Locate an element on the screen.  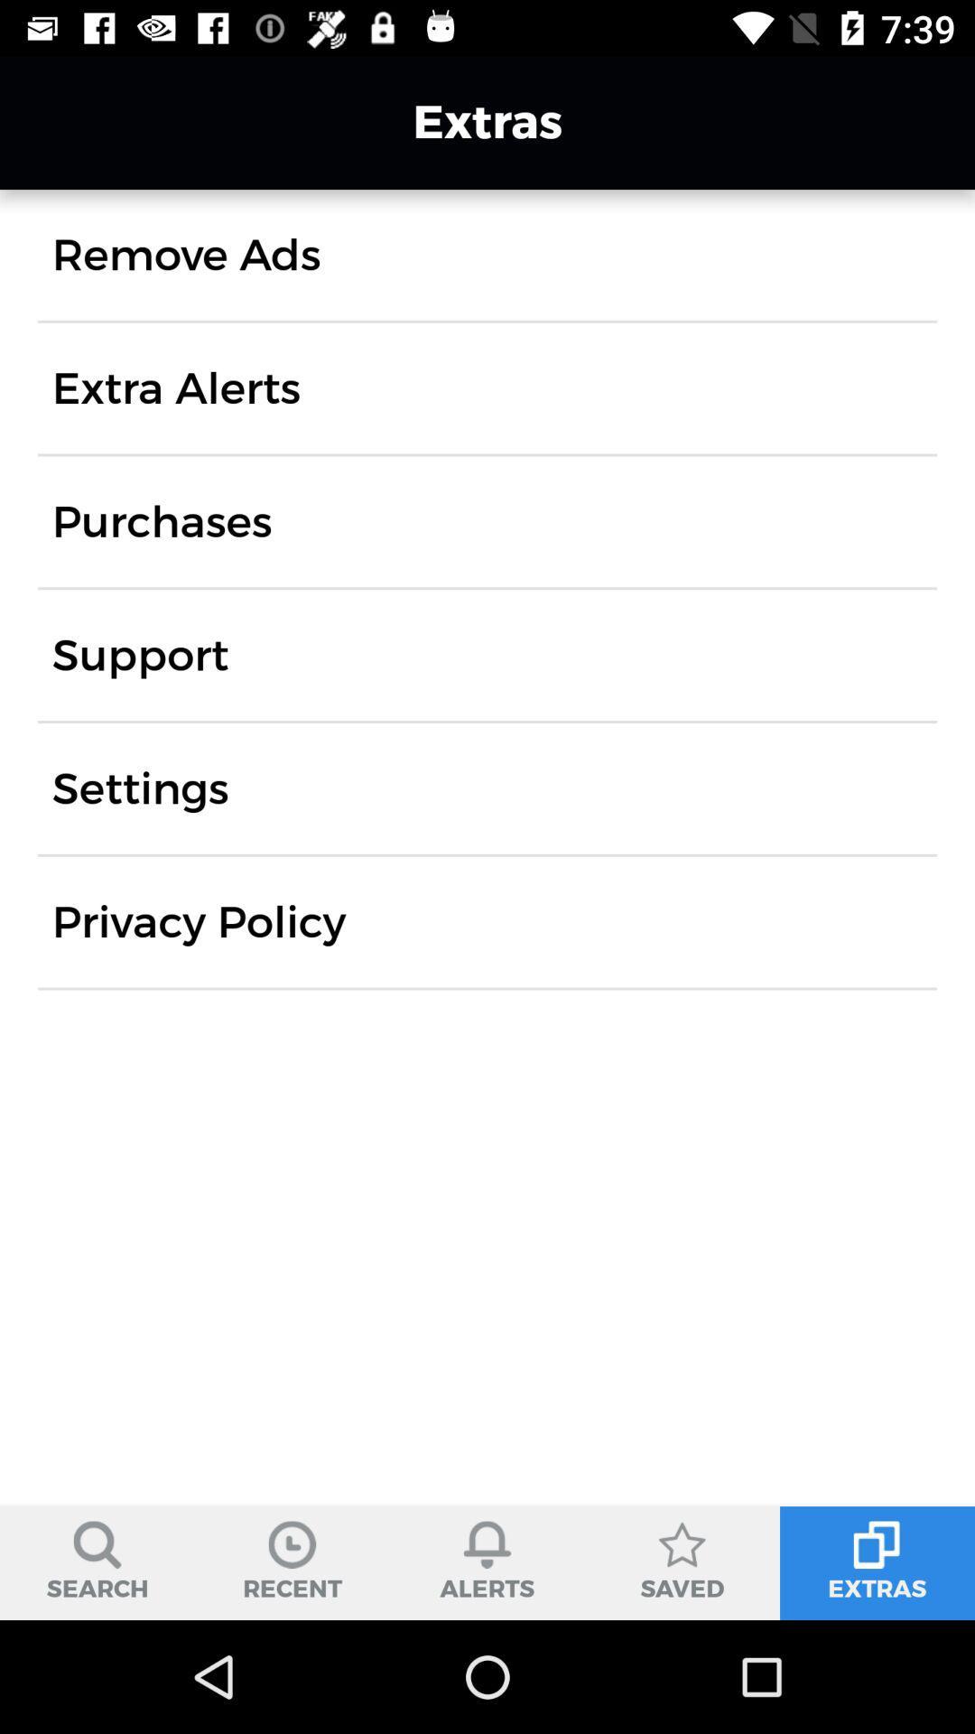
the settings item is located at coordinates (139, 788).